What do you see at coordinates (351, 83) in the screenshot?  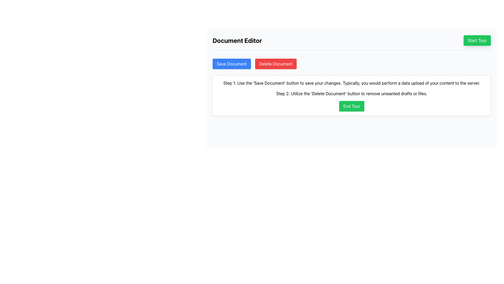 I see `the instruction text for saving a document, which is displayed in black within a white rectangle, located at the top of the card-style interface` at bounding box center [351, 83].